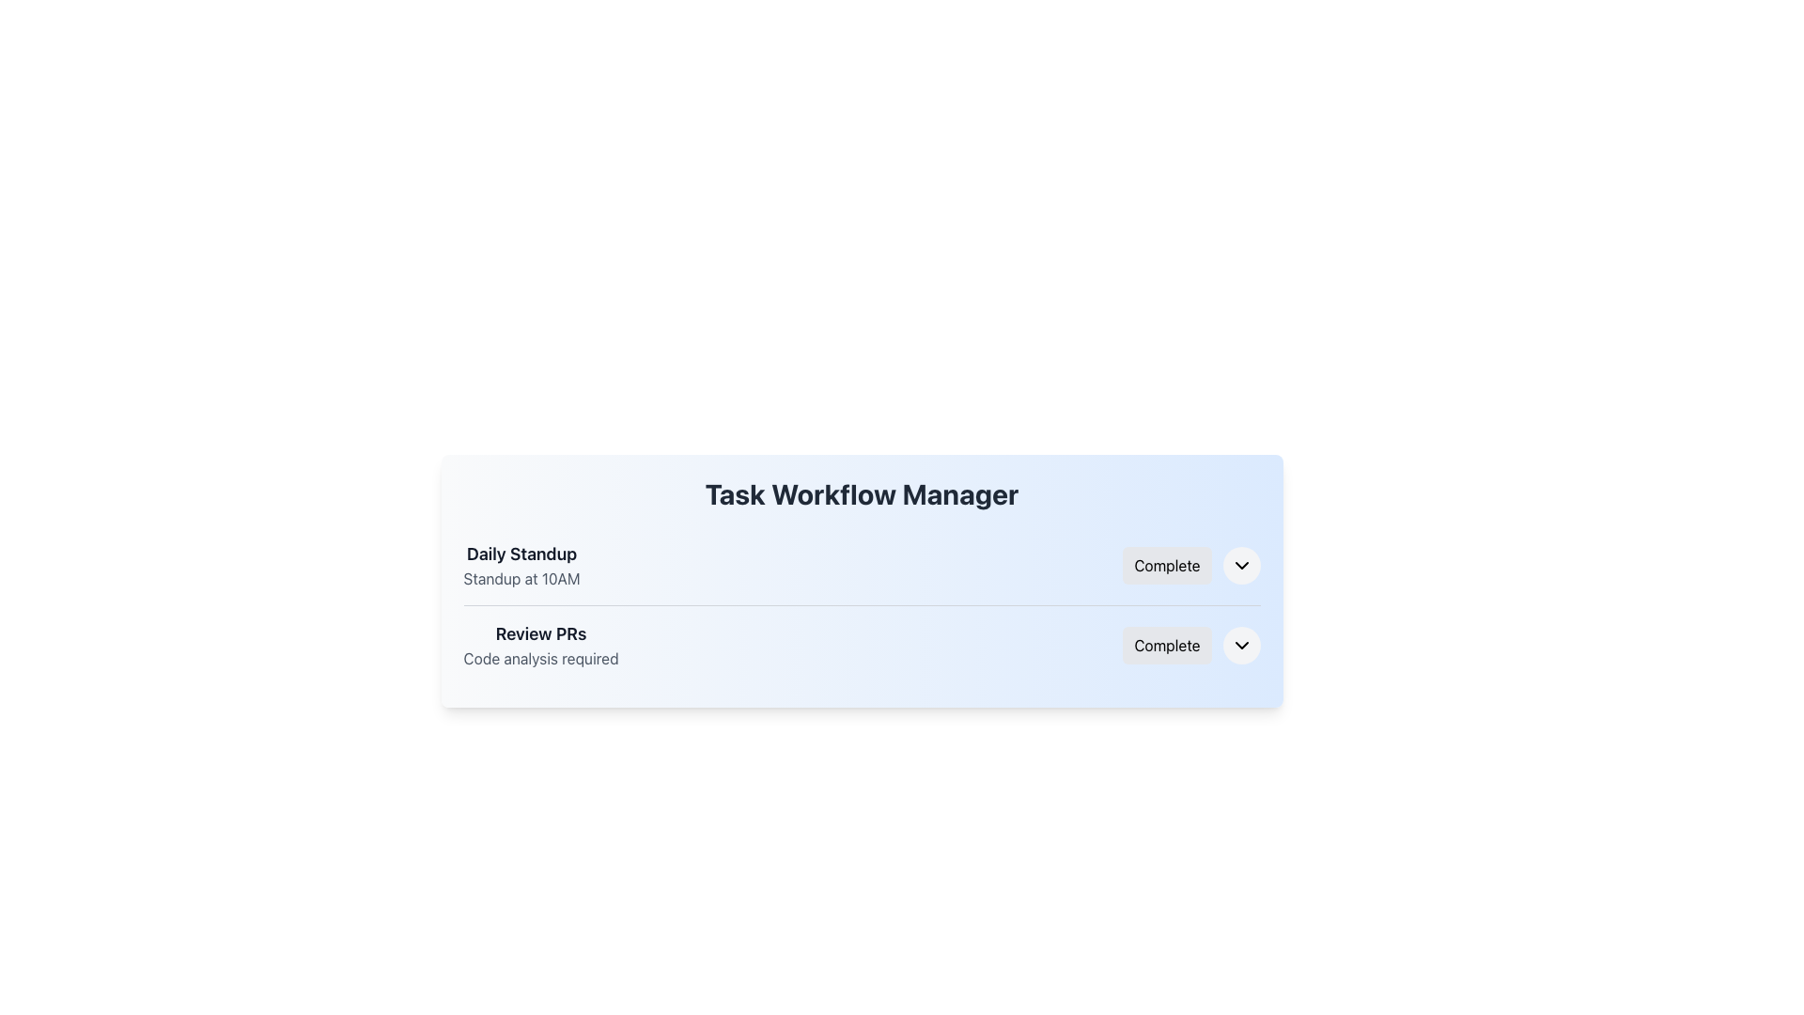 This screenshot has width=1804, height=1015. I want to click on the Text Label that serves as the title of the second task item in the list below 'Daily Standup', positioned above 'Code analysis required', so click(540, 634).